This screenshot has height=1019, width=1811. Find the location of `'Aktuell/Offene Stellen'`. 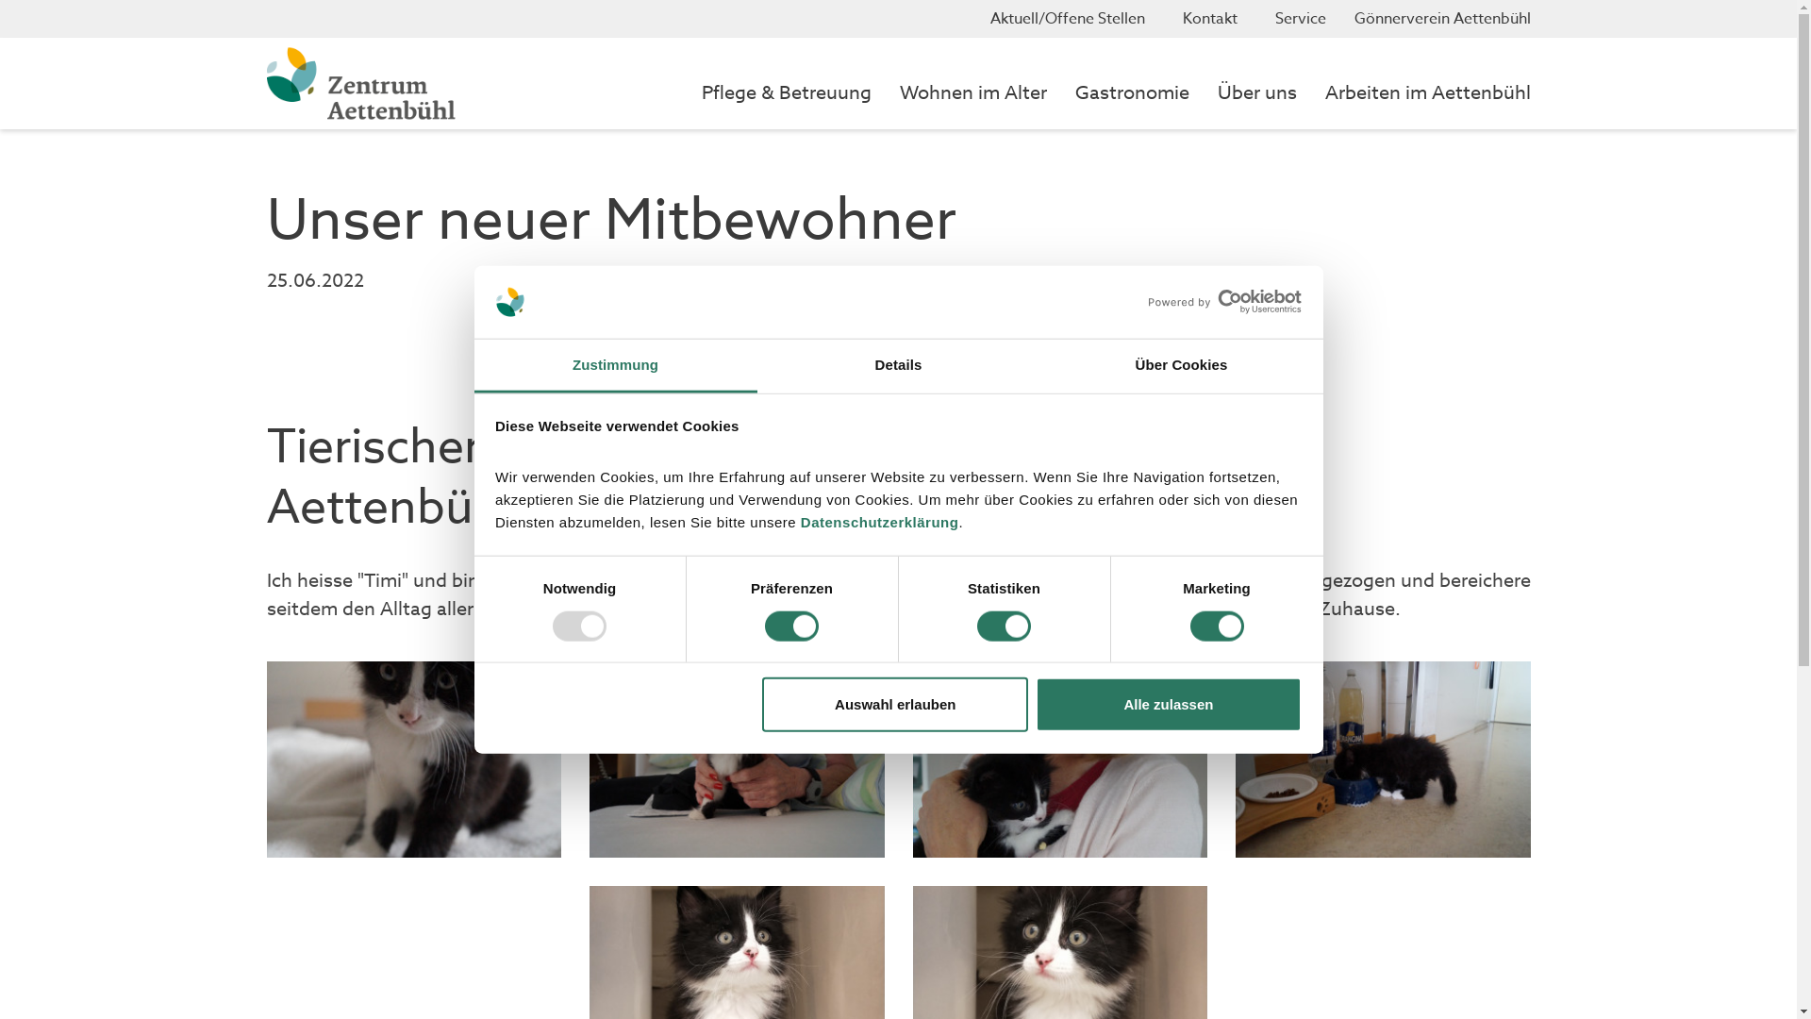

'Aktuell/Offene Stellen' is located at coordinates (1072, 18).